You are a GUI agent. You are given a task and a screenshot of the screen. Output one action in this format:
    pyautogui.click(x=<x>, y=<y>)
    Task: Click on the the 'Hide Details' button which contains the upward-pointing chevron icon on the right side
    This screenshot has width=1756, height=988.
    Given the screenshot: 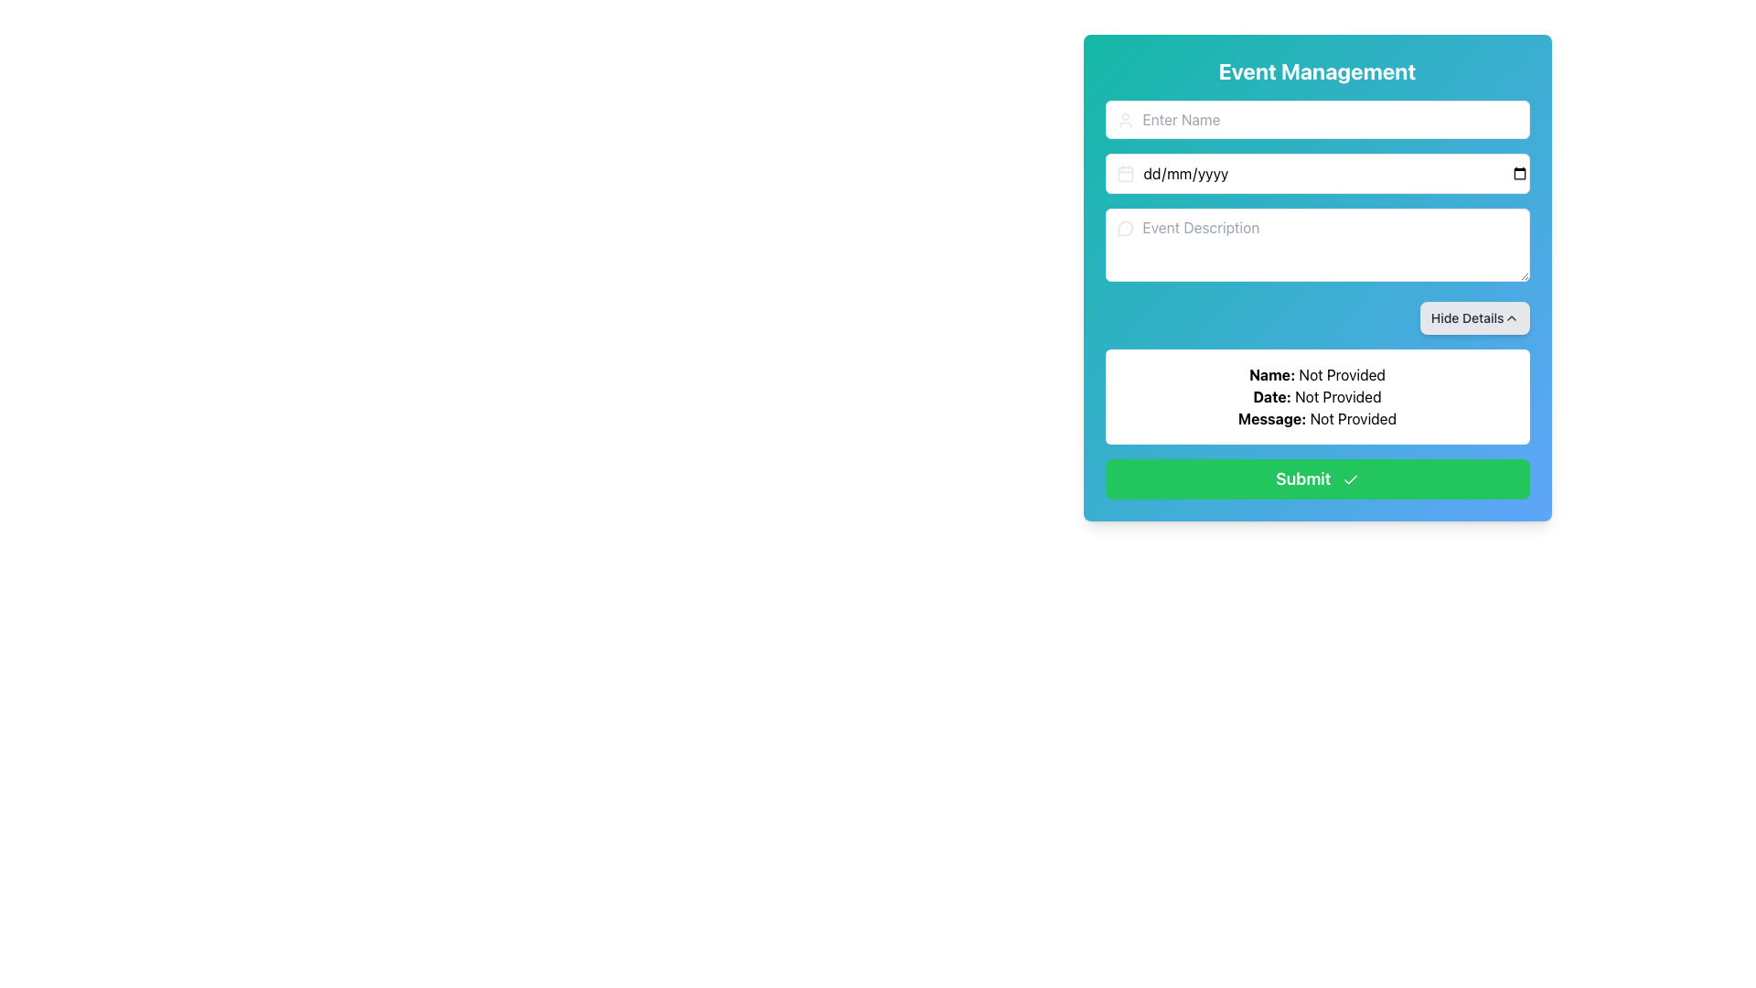 What is the action you would take?
    pyautogui.click(x=1511, y=317)
    